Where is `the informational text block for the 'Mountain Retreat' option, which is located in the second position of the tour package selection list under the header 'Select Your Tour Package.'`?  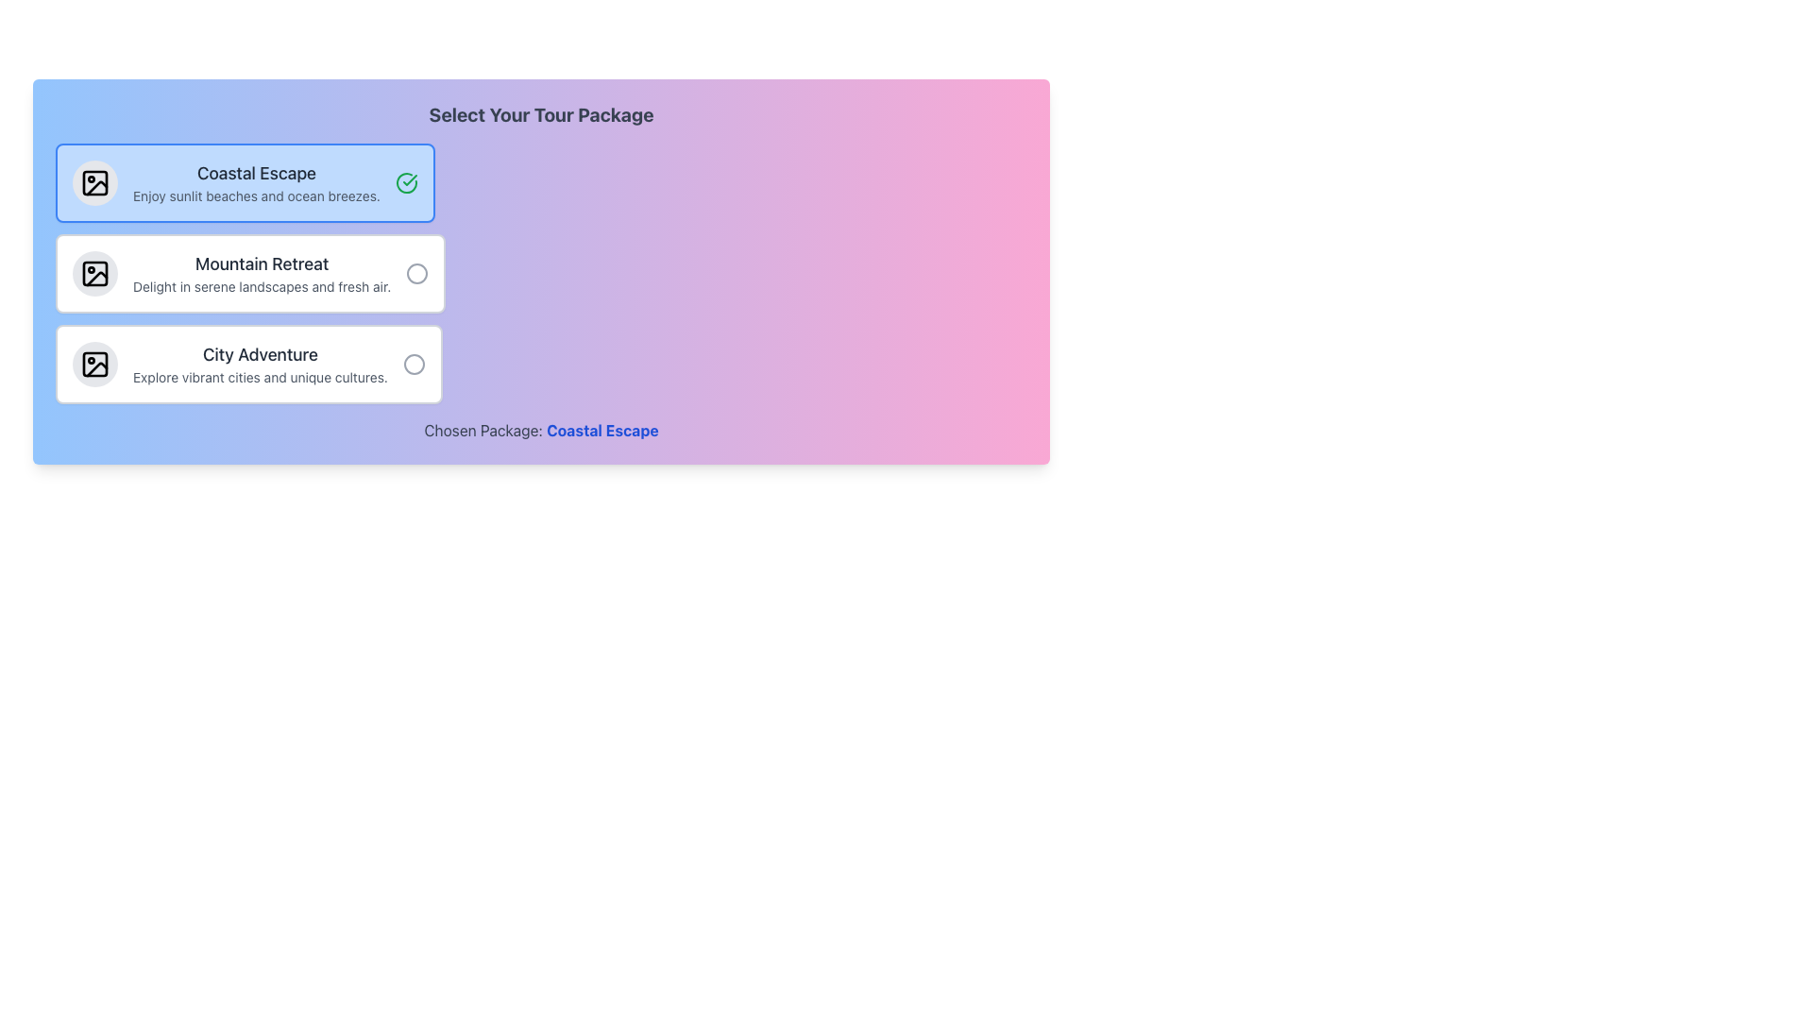
the informational text block for the 'Mountain Retreat' option, which is located in the second position of the tour package selection list under the header 'Select Your Tour Package.' is located at coordinates (261, 273).